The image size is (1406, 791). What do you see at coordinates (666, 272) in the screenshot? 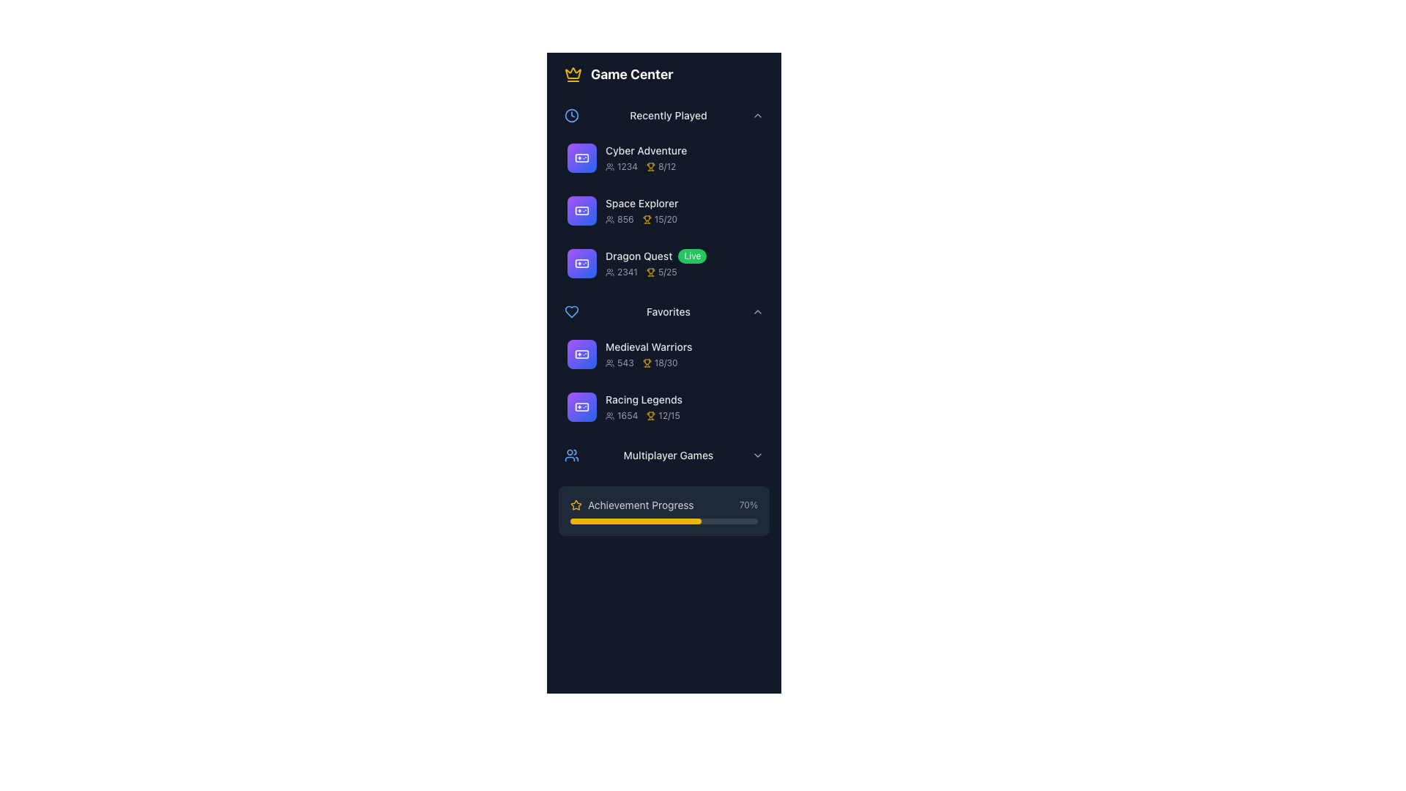
I see `the text label displaying '5/25', which is styled in a small, gray font and located to the right of a yellow trophy icon in the 'Dragon Quest' entry under the 'Recently Played' section` at bounding box center [666, 272].